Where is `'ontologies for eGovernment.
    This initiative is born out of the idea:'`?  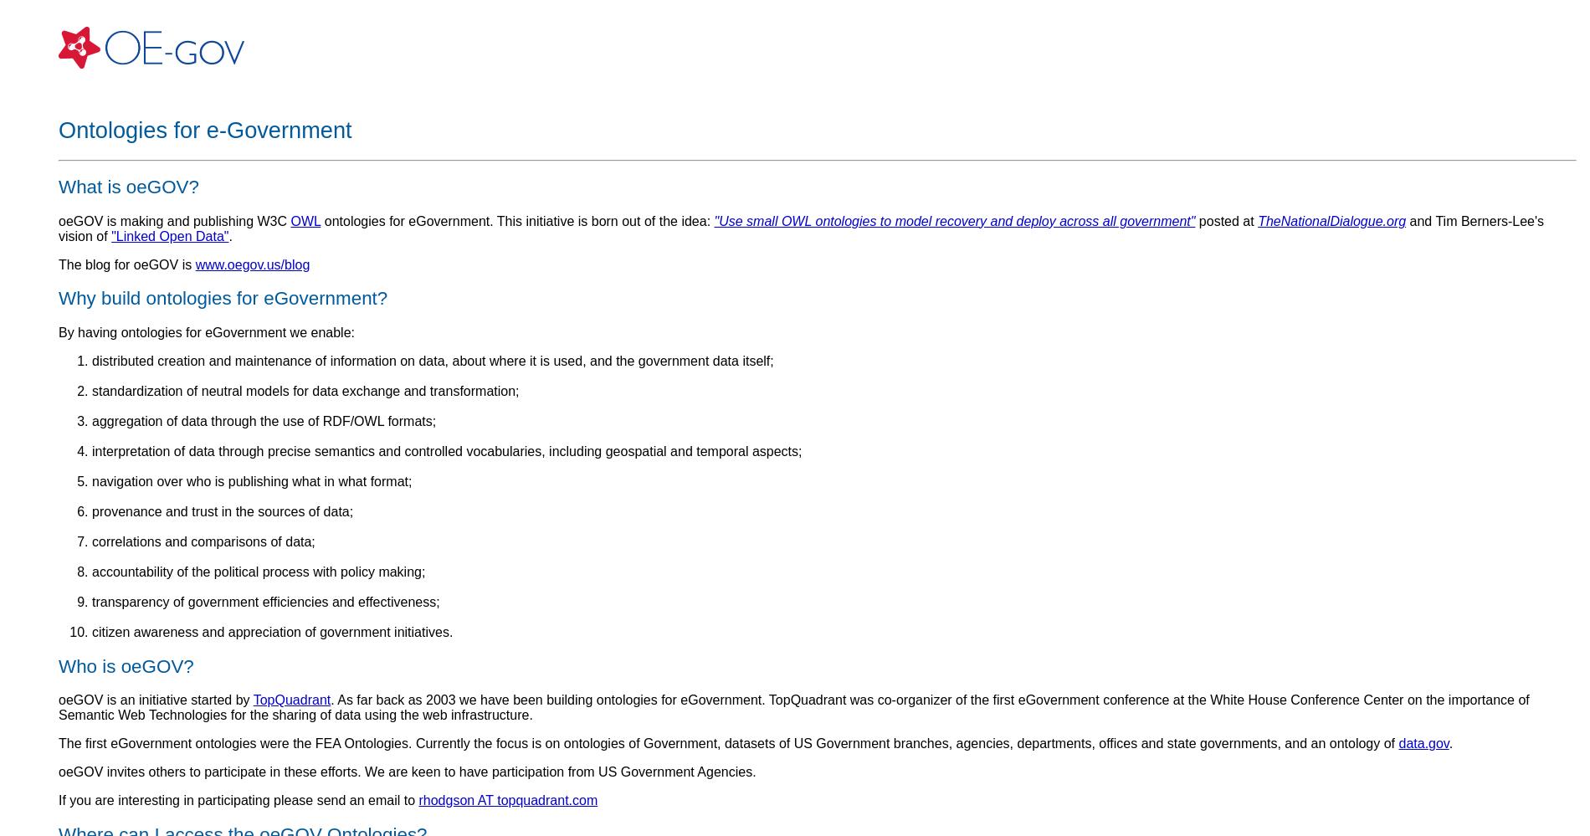
'ontologies for eGovernment.
    This initiative is born out of the idea:' is located at coordinates (517, 220).